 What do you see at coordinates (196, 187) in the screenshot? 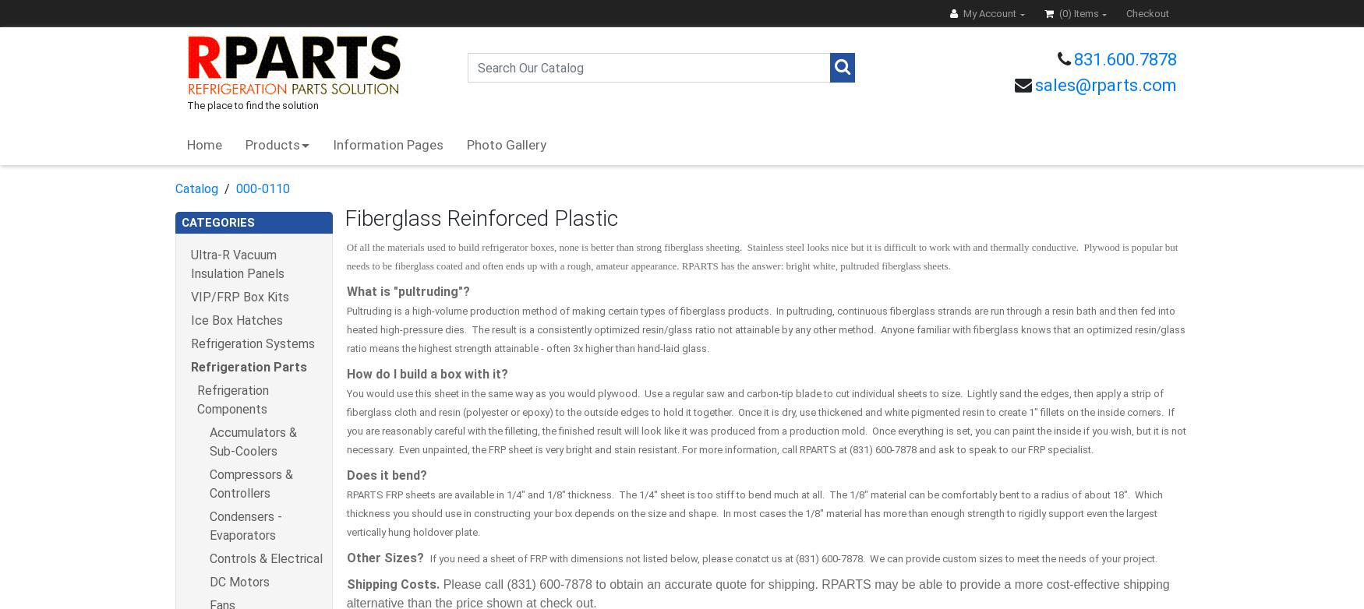
I see `'Catalog'` at bounding box center [196, 187].